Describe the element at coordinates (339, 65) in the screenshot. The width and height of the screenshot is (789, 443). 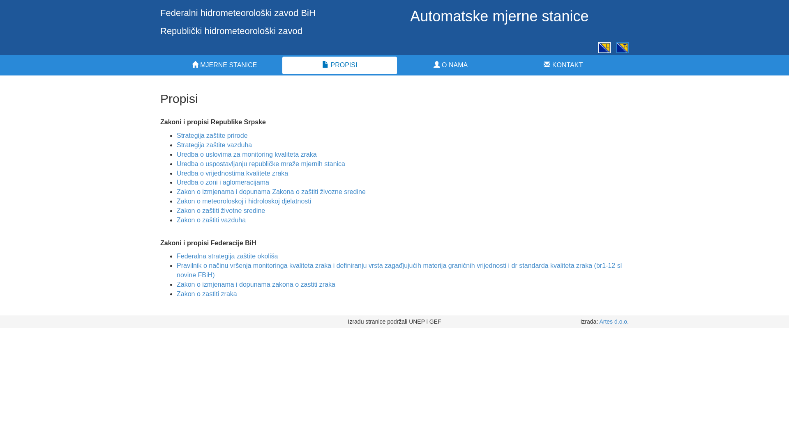
I see `'PROPISI'` at that location.